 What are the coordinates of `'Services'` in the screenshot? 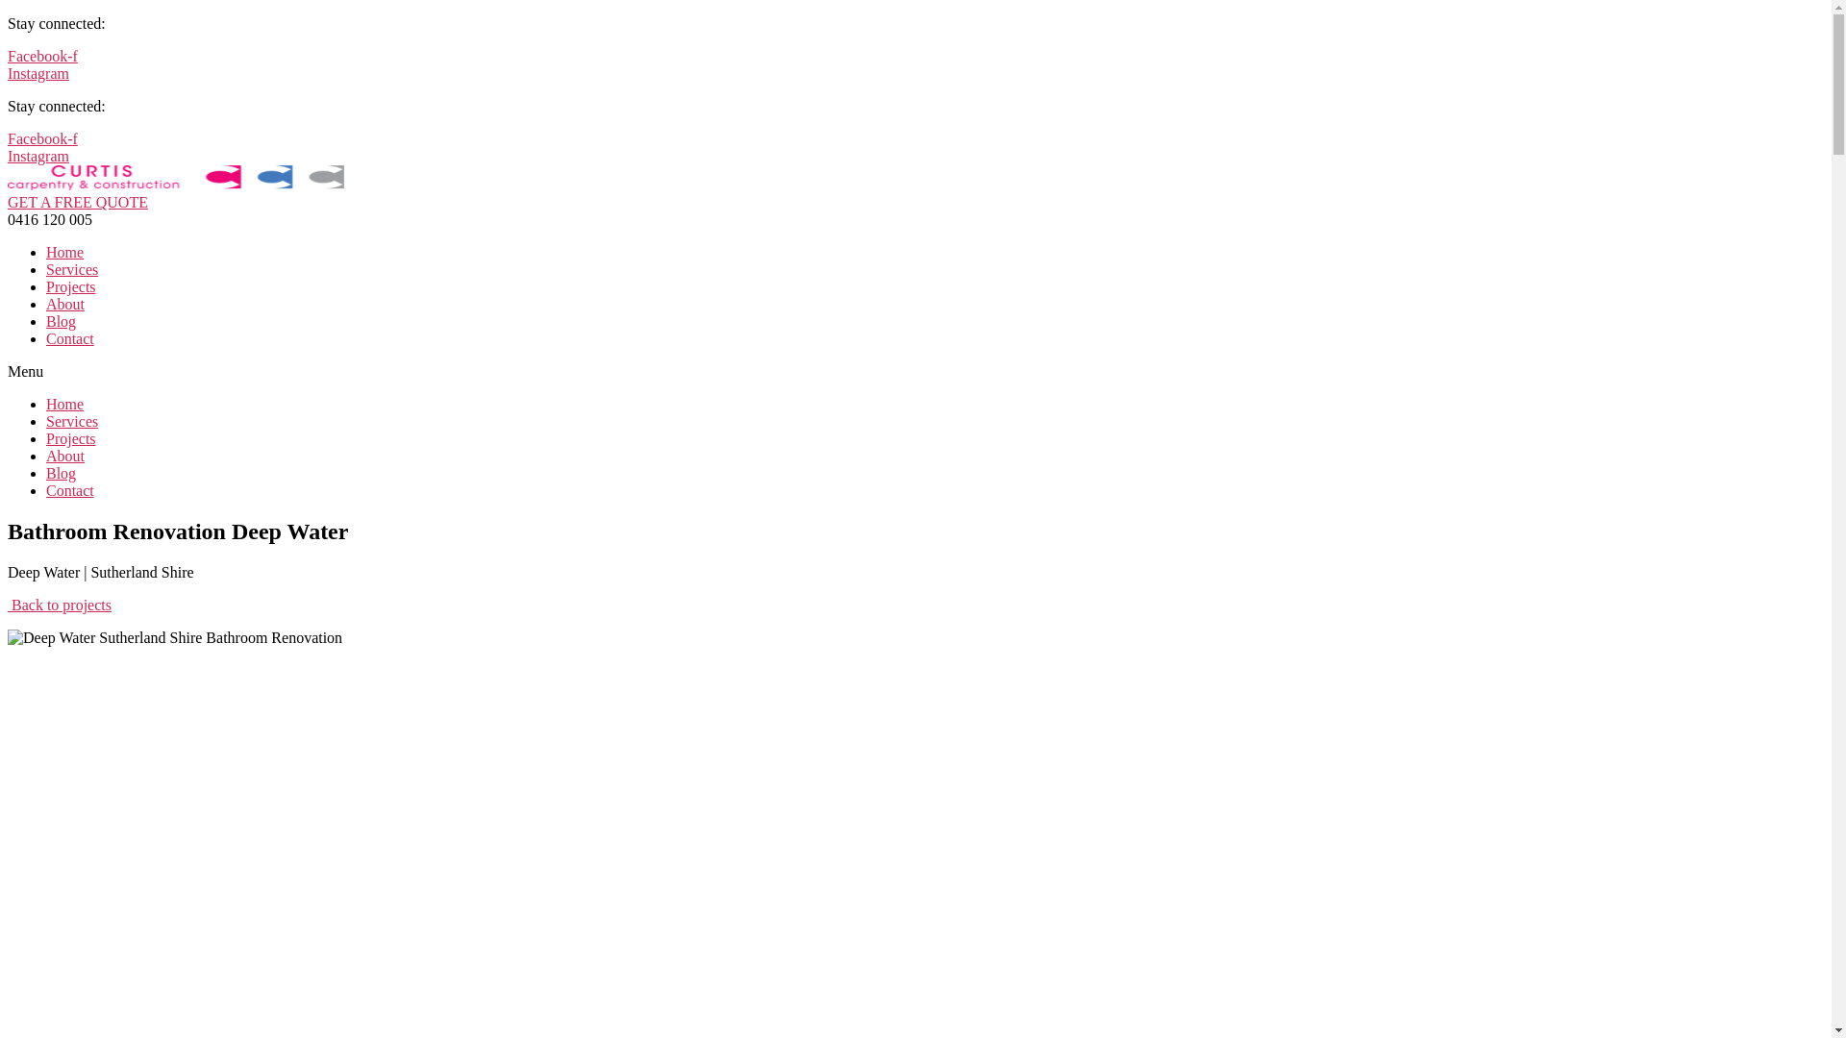 It's located at (72, 420).